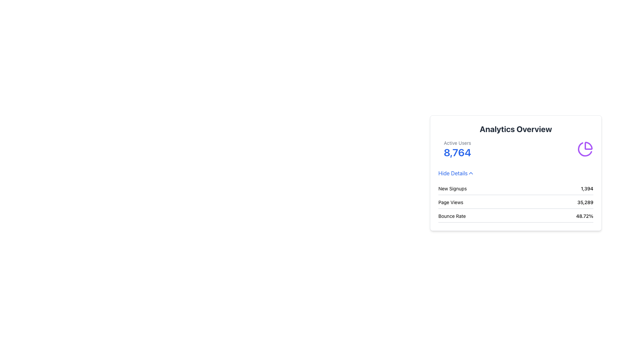 This screenshot has width=644, height=362. I want to click on the SVG icon representing analytics in the 'Analytics Overview' section, located in the upper-right corner of its card, so click(585, 149).